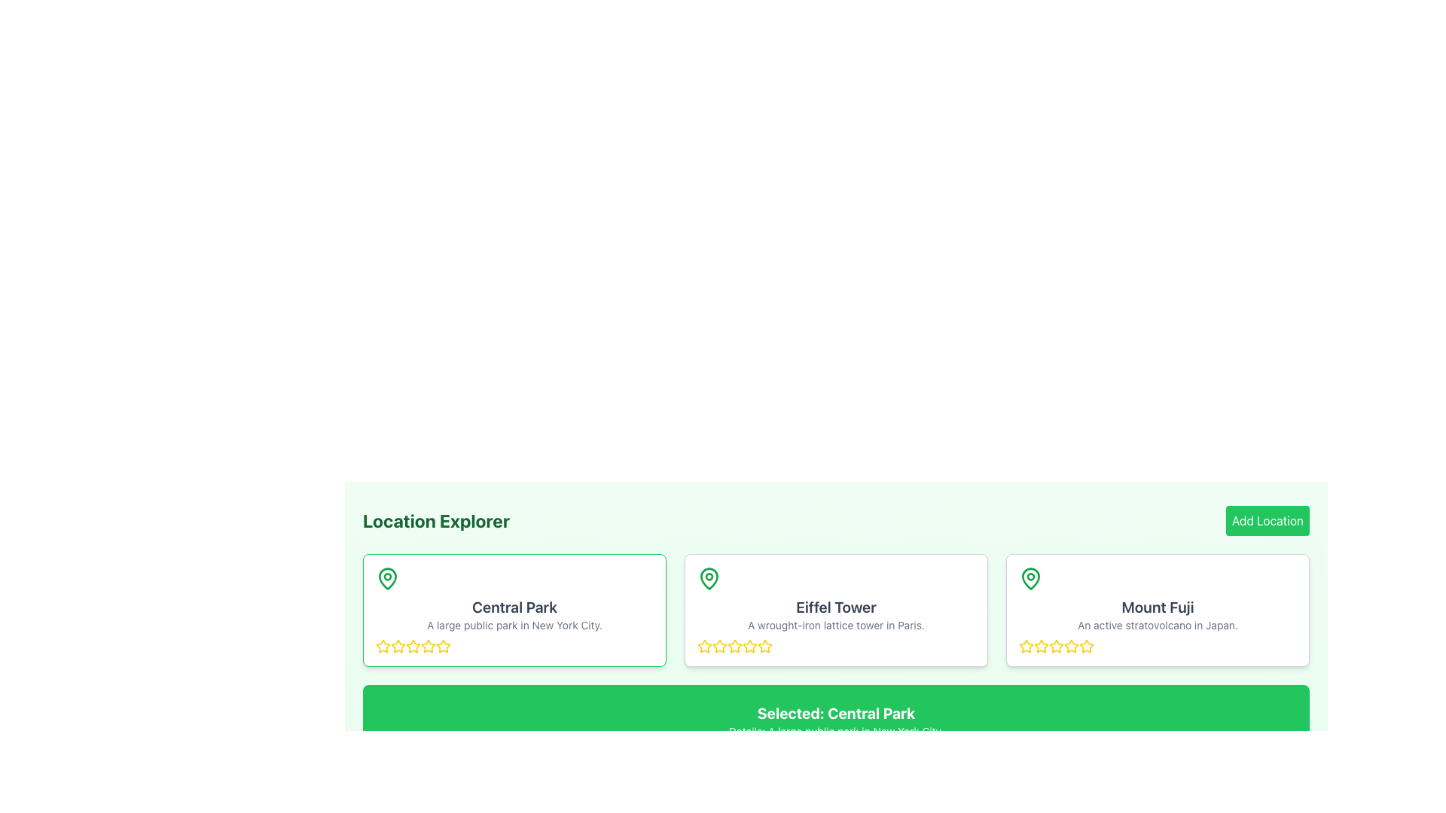  Describe the element at coordinates (1157, 606) in the screenshot. I see `on the 'Mount Fuji' text label located at the top-center of the third card from the left in a horizontal list of cards` at that location.